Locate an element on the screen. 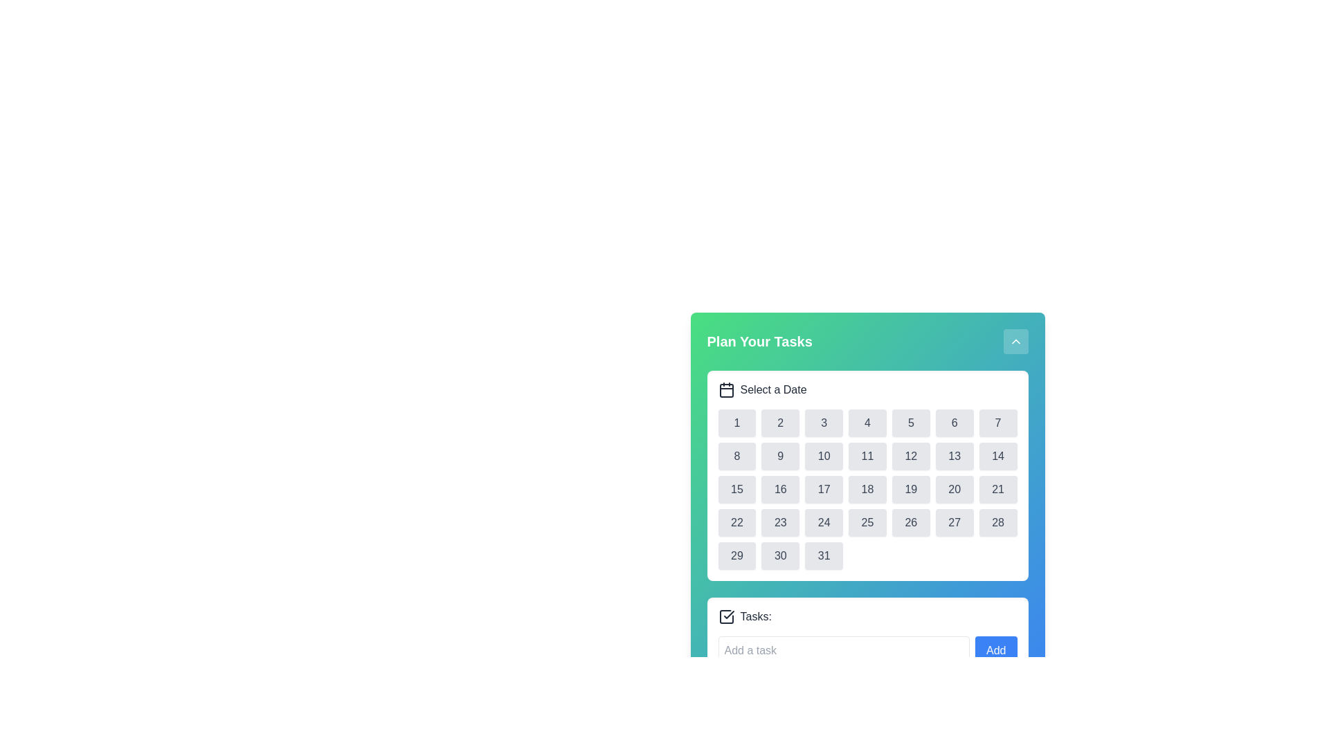  the selectable date button in the calendar interface, which is positioned in the second row and first column of the grid is located at coordinates (736, 456).